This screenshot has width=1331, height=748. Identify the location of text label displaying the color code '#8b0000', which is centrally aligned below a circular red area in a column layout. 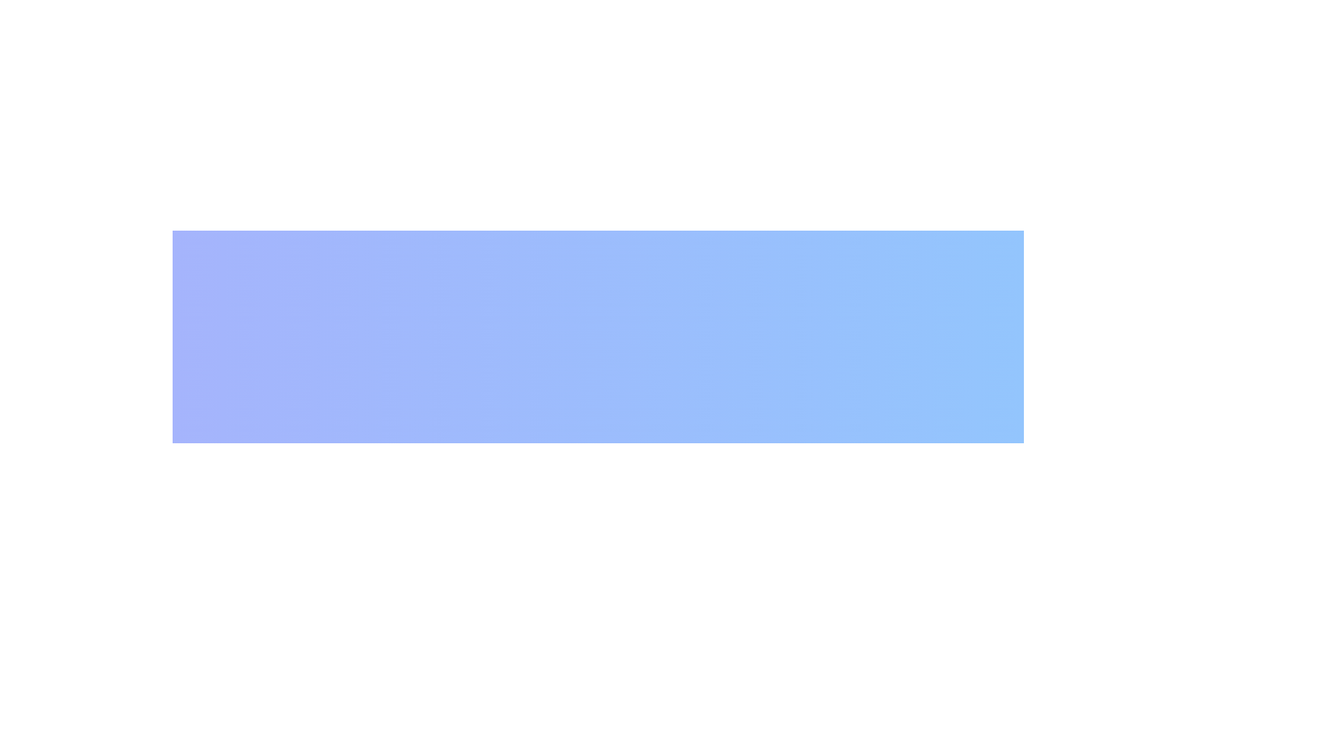
(487, 697).